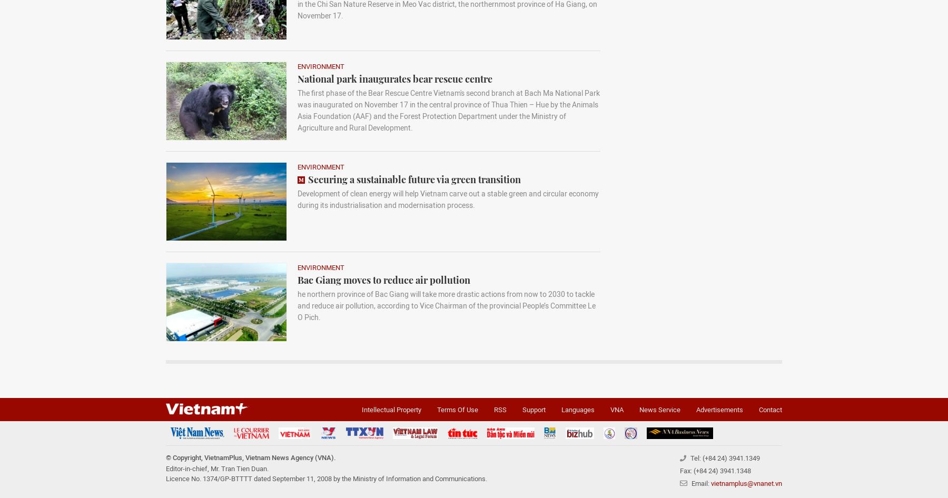 The height and width of the screenshot is (498, 948). I want to click on 'Tuesday, August 25, 2015 17:21', so click(247, 461).